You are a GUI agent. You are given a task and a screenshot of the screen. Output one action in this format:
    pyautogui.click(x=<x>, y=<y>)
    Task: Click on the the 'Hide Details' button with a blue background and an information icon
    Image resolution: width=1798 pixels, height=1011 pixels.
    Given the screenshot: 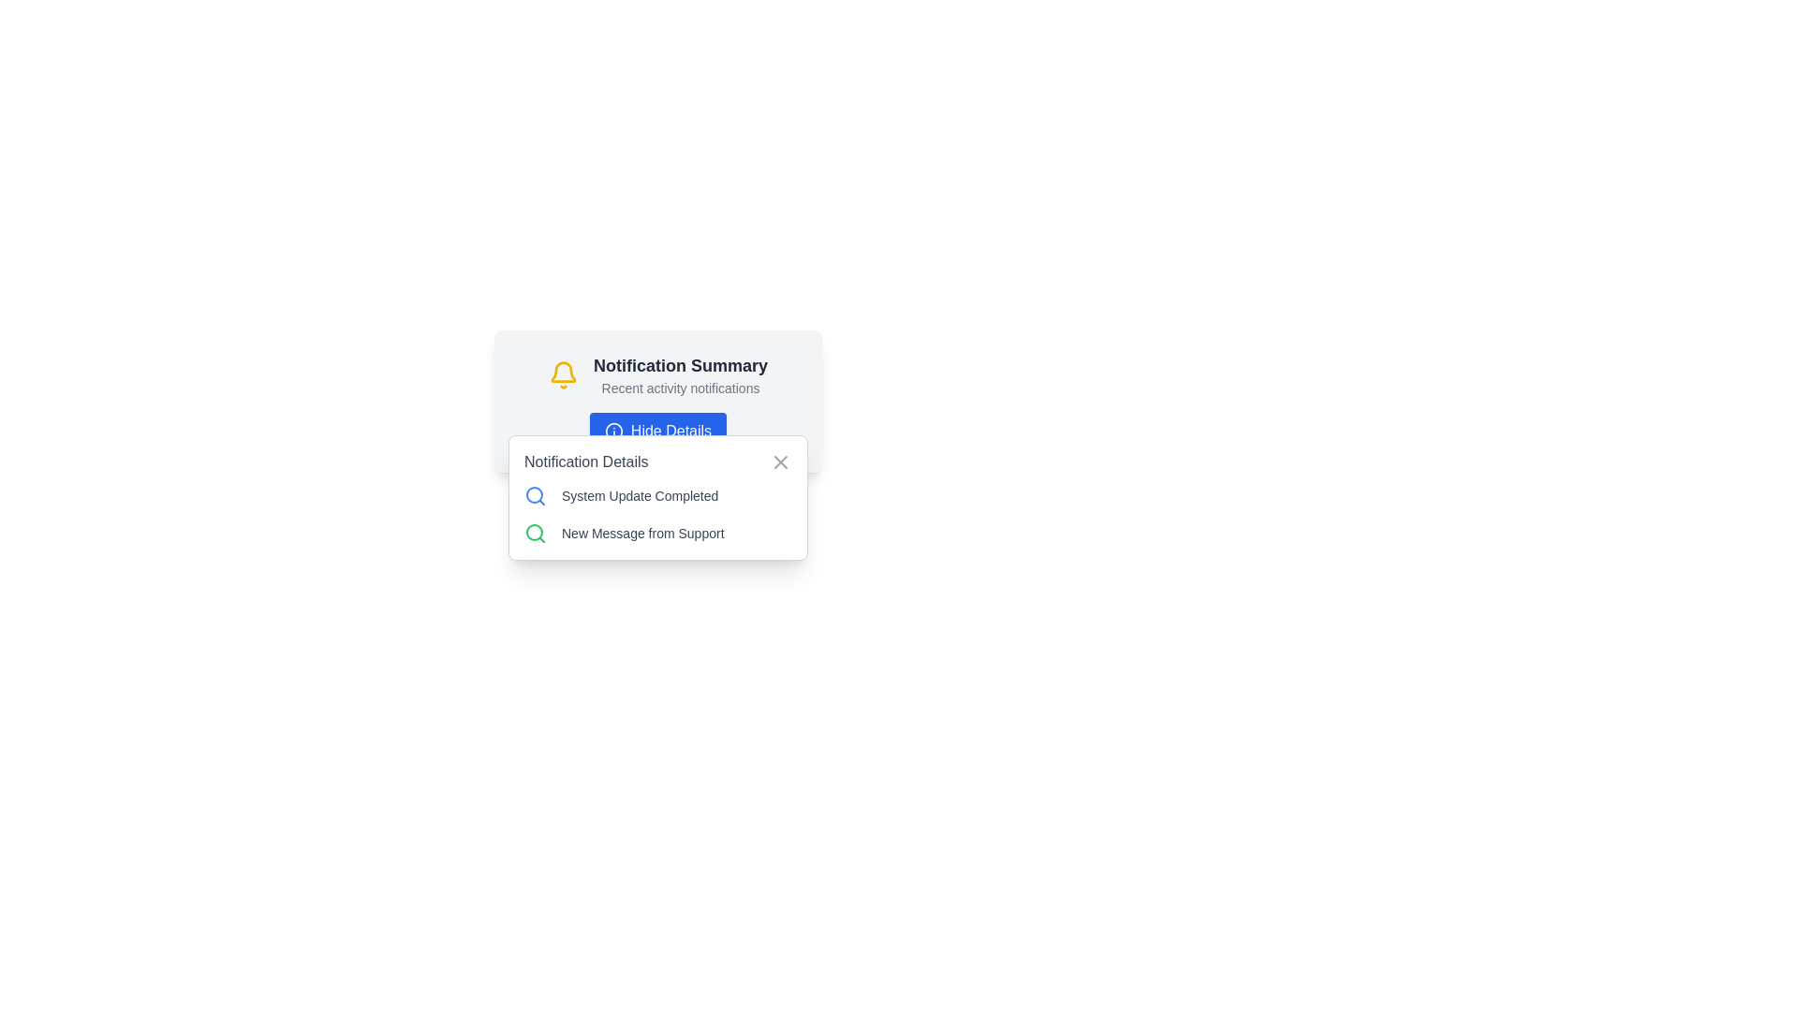 What is the action you would take?
    pyautogui.click(x=657, y=432)
    